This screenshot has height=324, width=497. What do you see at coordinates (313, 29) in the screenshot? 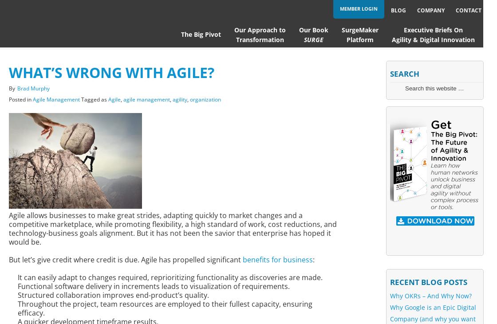
I see `'Our Book'` at bounding box center [313, 29].